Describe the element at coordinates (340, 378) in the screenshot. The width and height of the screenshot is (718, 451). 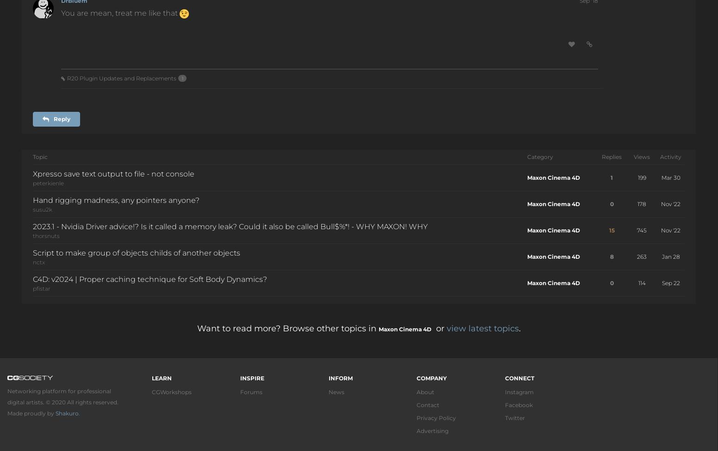
I see `'Inform'` at that location.